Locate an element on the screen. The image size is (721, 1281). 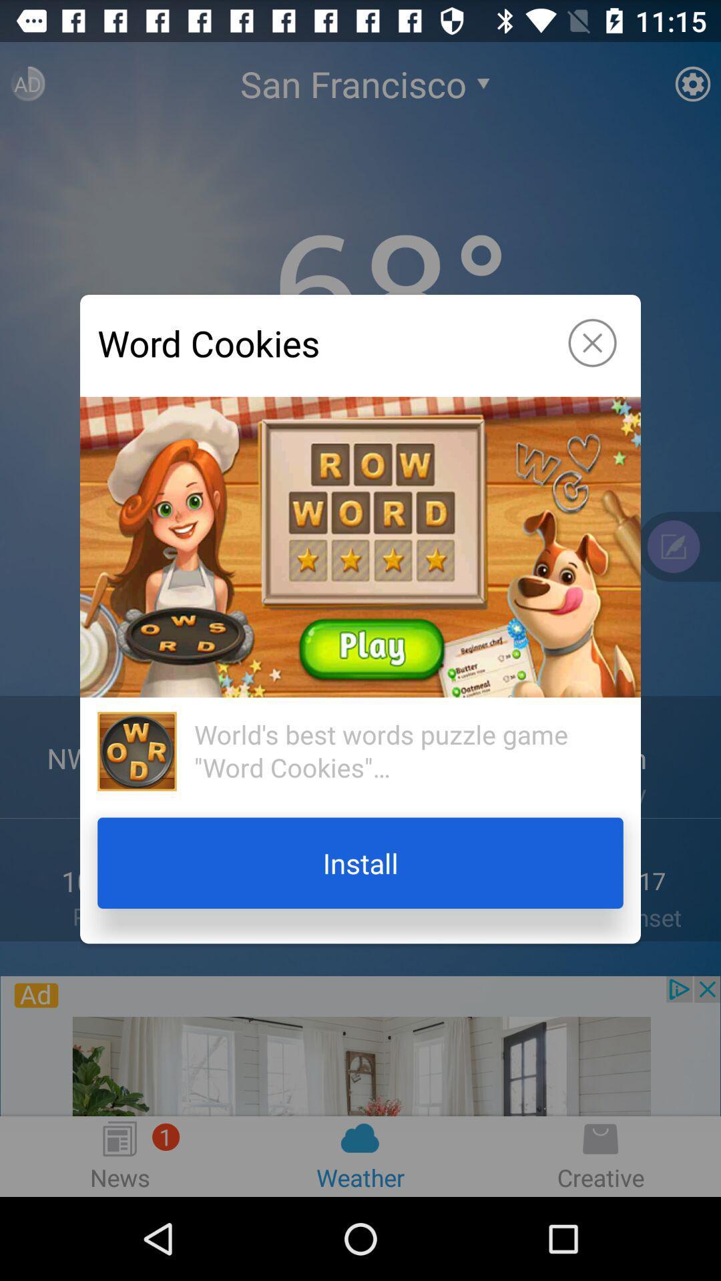
the icon at the top right corner is located at coordinates (591, 343).